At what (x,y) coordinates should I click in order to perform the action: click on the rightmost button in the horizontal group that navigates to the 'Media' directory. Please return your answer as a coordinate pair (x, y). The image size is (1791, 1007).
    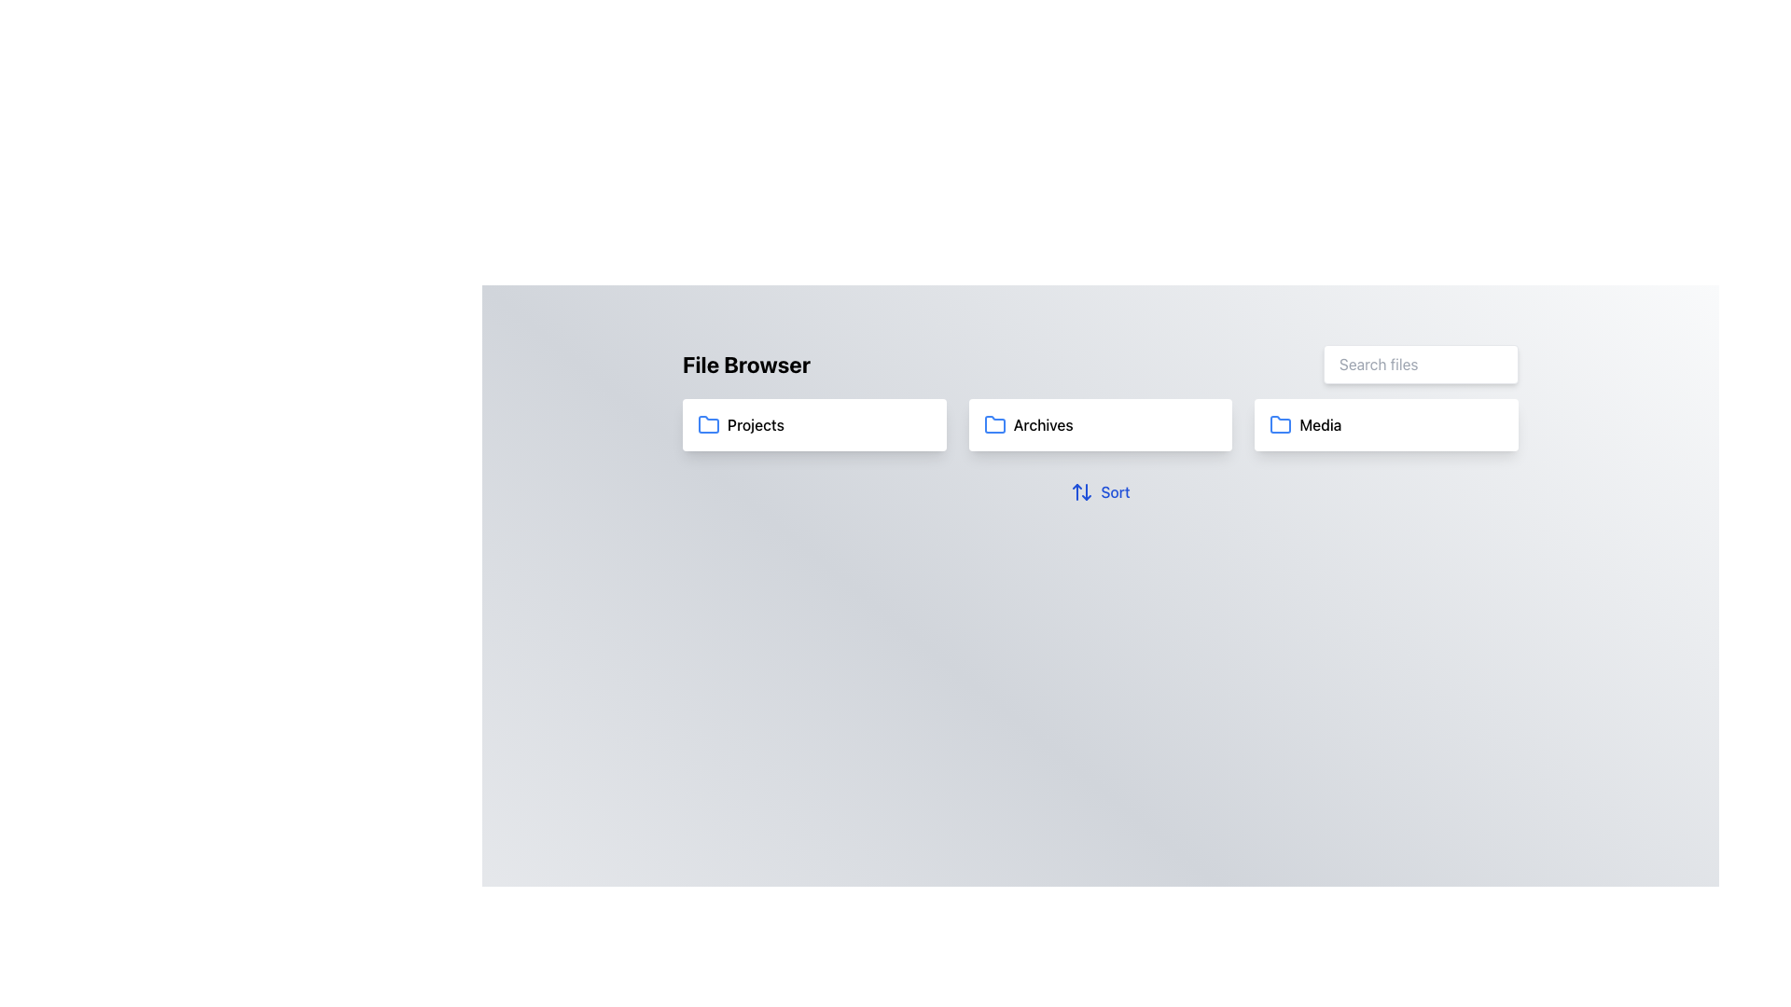
    Looking at the image, I should click on (1386, 424).